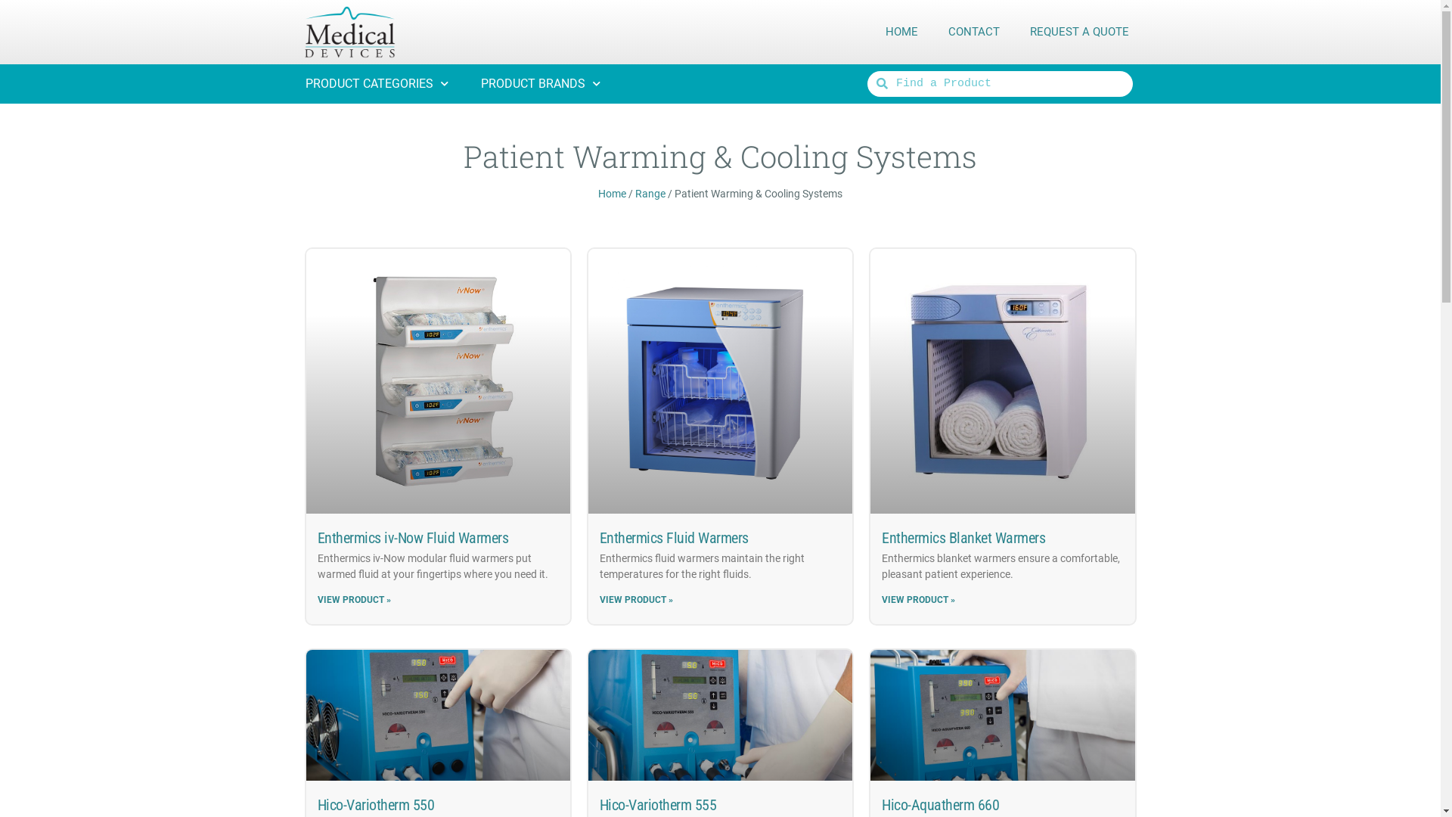 This screenshot has height=817, width=1452. I want to click on 'CONTACT', so click(973, 32).